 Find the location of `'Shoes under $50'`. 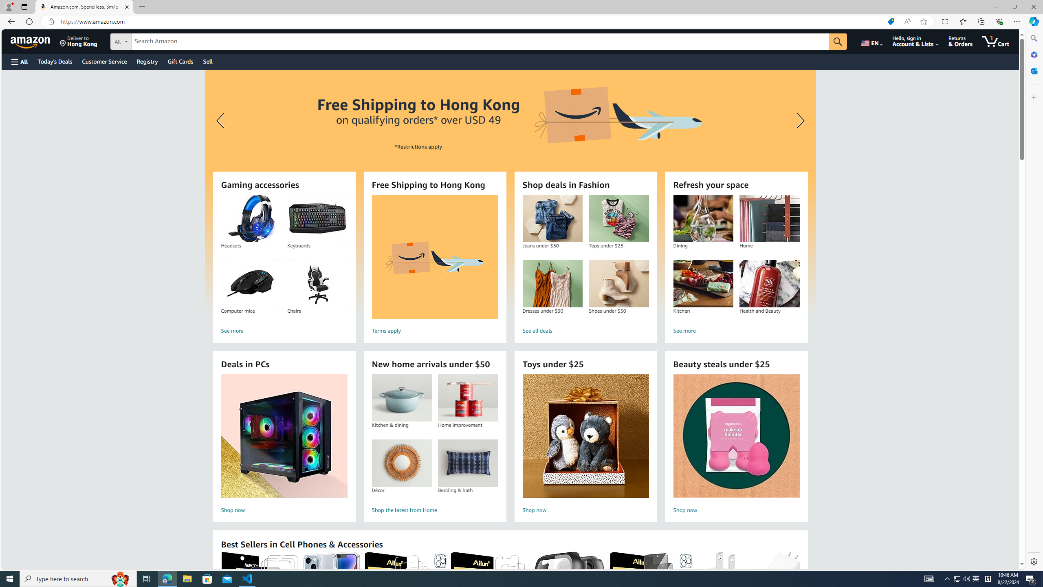

'Shoes under $50' is located at coordinates (619, 284).